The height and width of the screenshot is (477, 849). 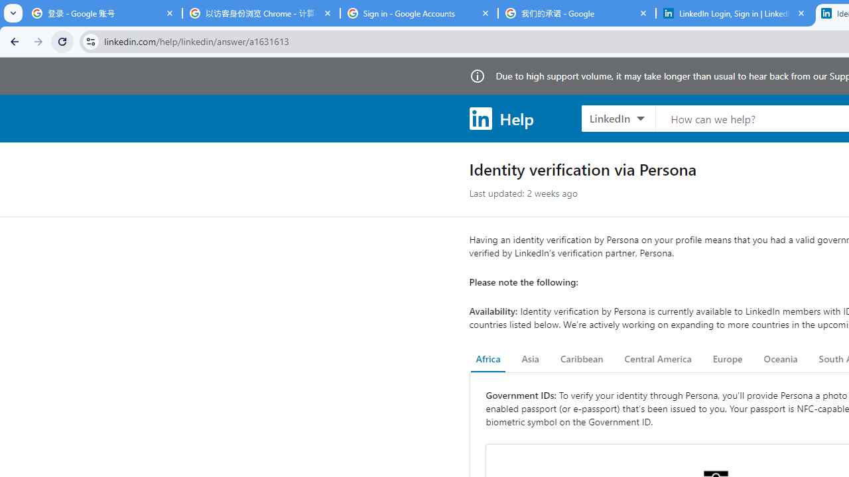 What do you see at coordinates (734, 13) in the screenshot?
I see `'LinkedIn Login, Sign in | LinkedIn'` at bounding box center [734, 13].